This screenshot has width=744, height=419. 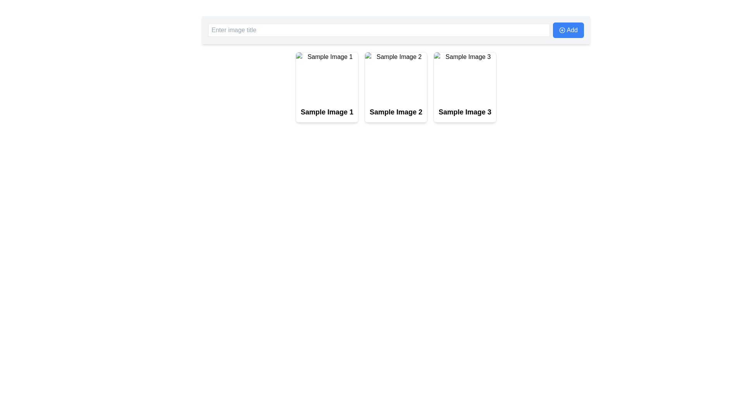 What do you see at coordinates (327, 112) in the screenshot?
I see `text label 'Sample Image 1' which is displayed in bold font below the image thumbnail in the first card layout` at bounding box center [327, 112].